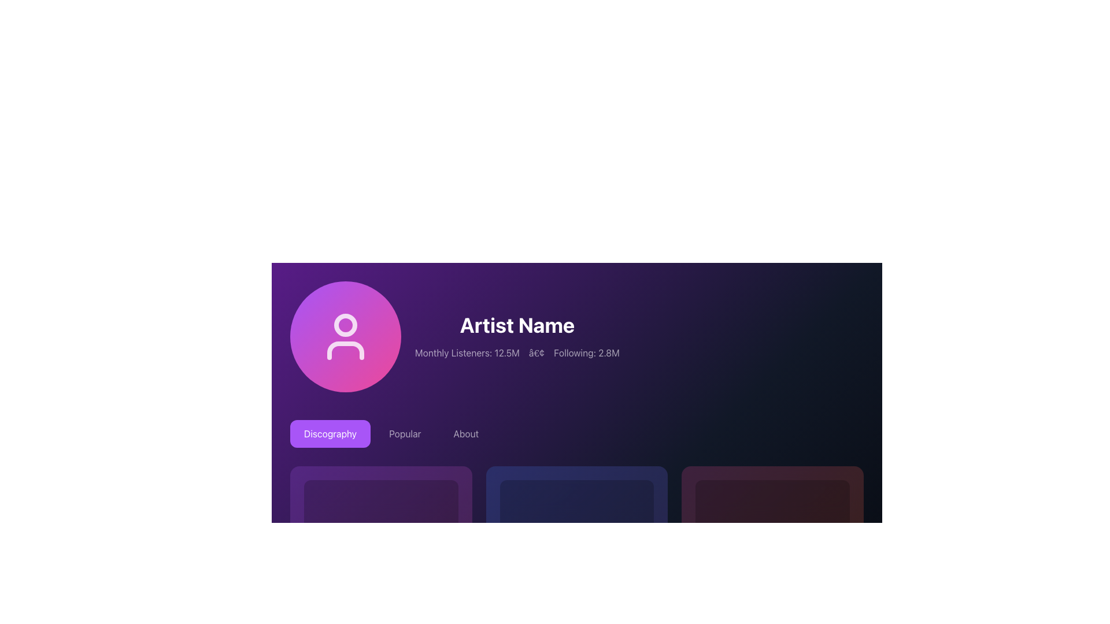 This screenshot has width=1110, height=624. I want to click on the graphical element (circle) that is part of the user profile icon, located to the left of the text 'Artist Name', so click(345, 325).